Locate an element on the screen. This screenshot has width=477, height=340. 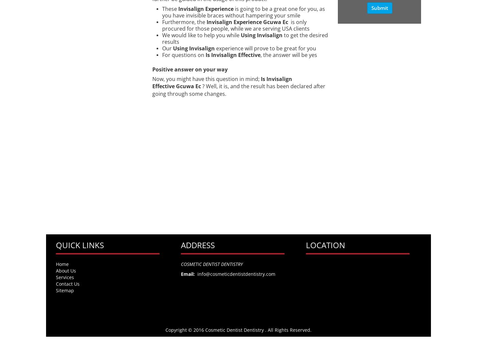
'Contact Us' is located at coordinates (67, 283).